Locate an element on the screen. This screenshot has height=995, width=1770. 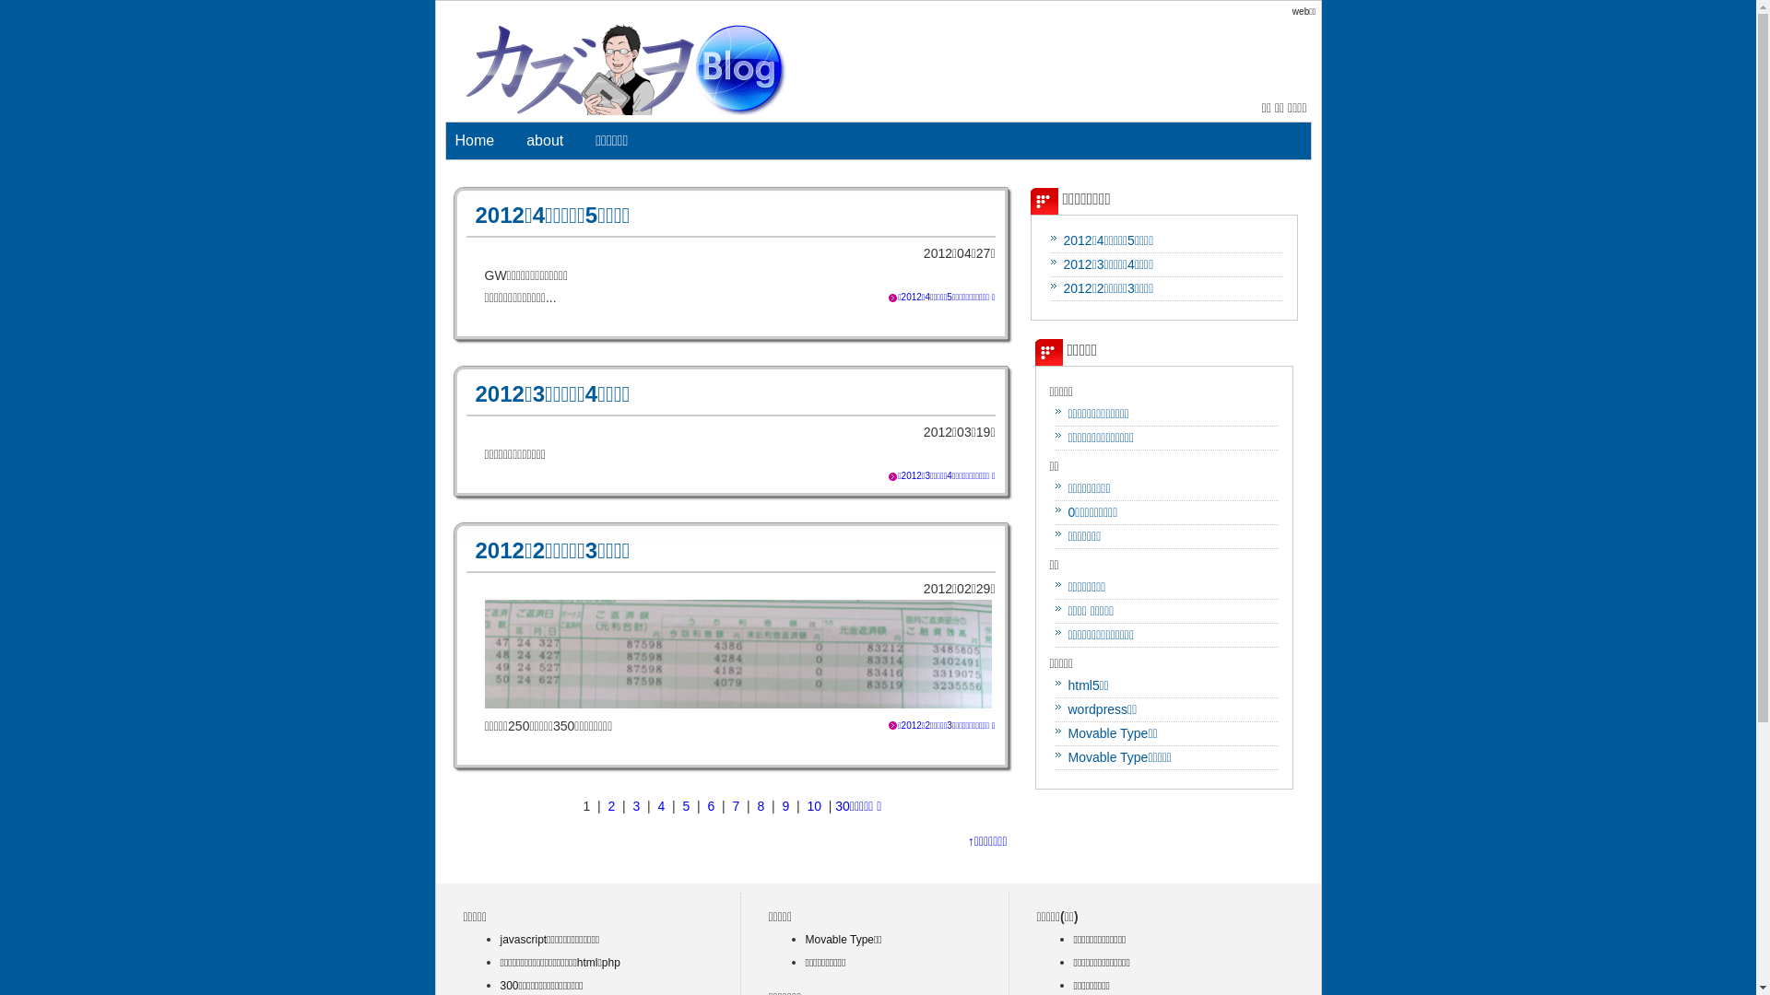
'about' is located at coordinates (543, 140).